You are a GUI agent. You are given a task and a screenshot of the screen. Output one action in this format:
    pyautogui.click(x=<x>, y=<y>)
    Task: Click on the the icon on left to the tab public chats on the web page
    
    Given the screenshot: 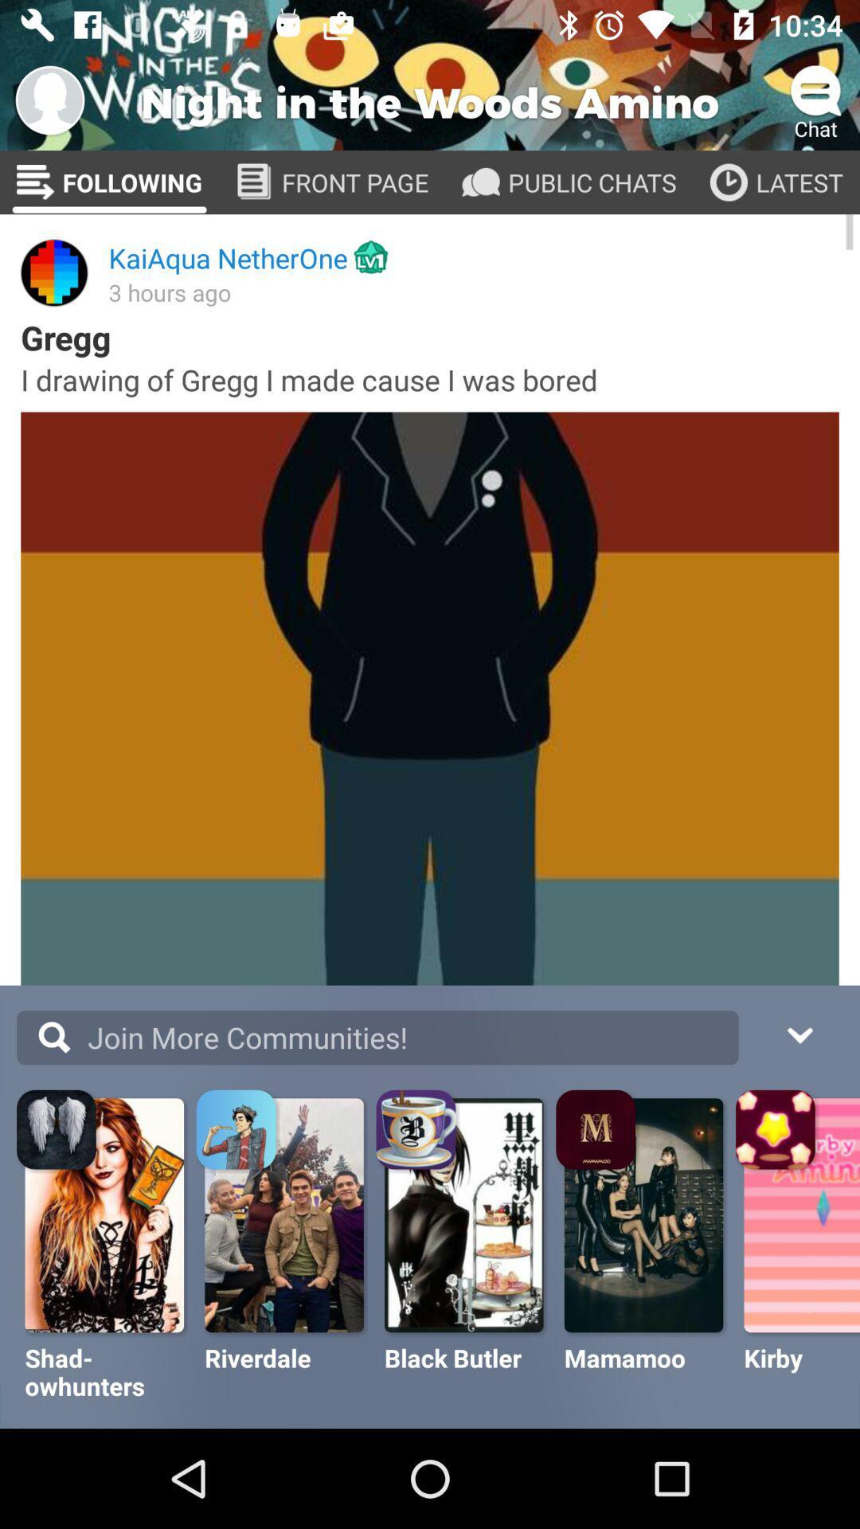 What is the action you would take?
    pyautogui.click(x=480, y=182)
    